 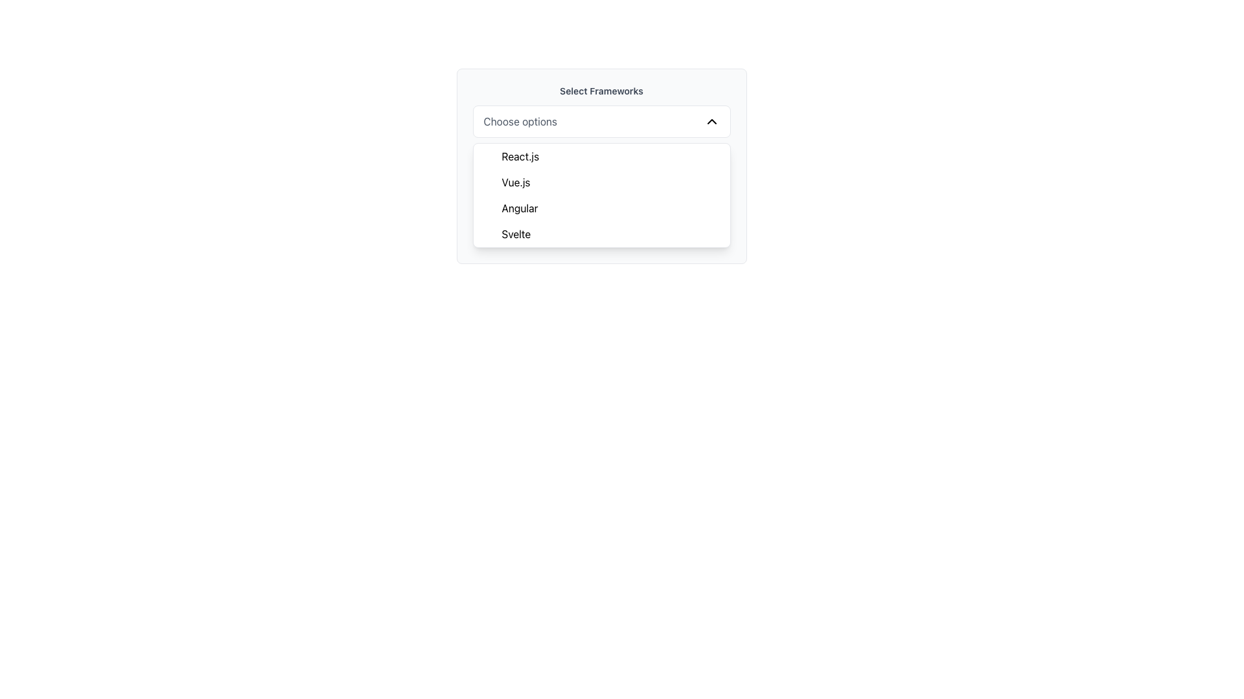 I want to click on the static text label 'Select Frameworks' which is a bold dark gray heading at the top of its section, above selectable options, so click(x=601, y=91).